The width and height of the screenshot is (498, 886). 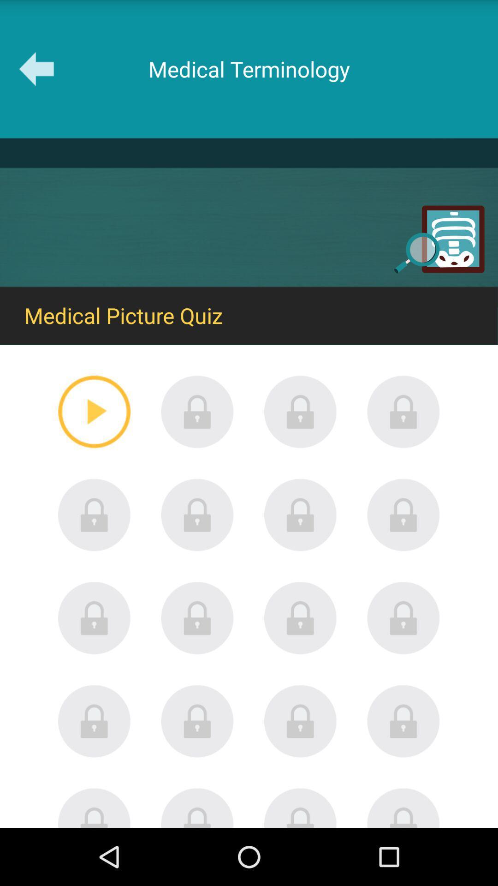 What do you see at coordinates (403, 721) in the screenshot?
I see `locked item` at bounding box center [403, 721].